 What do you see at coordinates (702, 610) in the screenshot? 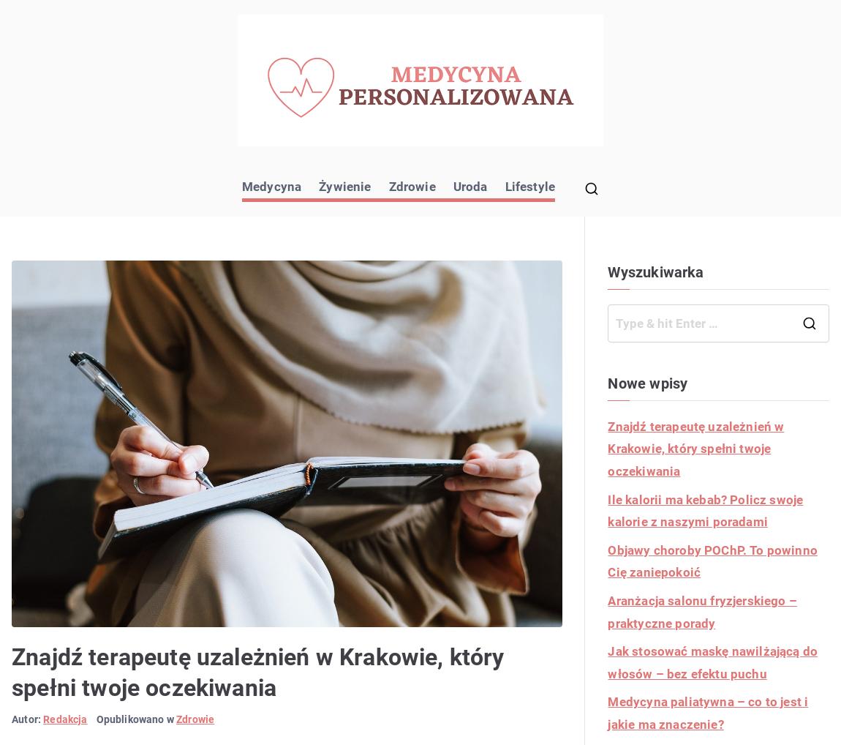
I see `'Aranżacja salonu fryzjerskiego – praktyczne porady'` at bounding box center [702, 610].